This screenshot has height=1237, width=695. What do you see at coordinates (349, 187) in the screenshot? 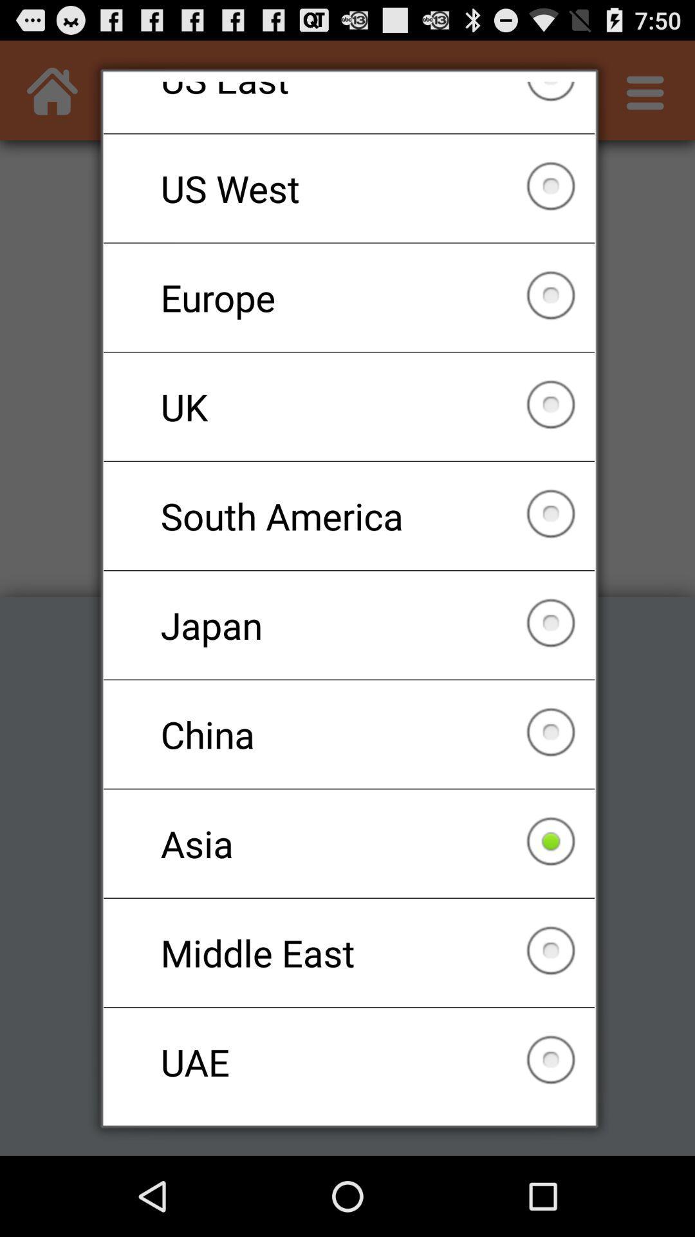
I see `checkbox above the     europe icon` at bounding box center [349, 187].